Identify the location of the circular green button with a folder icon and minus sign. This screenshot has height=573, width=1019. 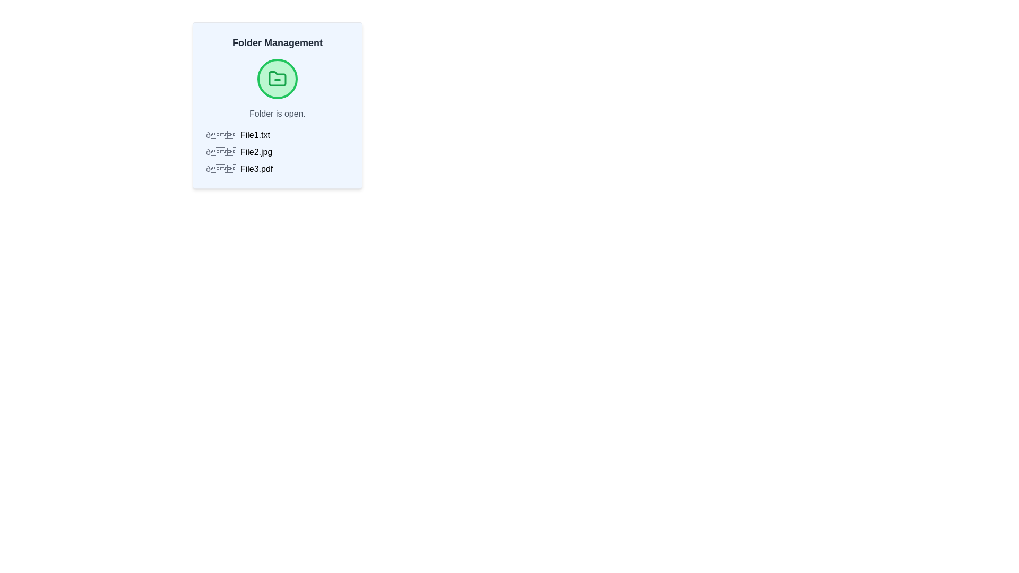
(278, 79).